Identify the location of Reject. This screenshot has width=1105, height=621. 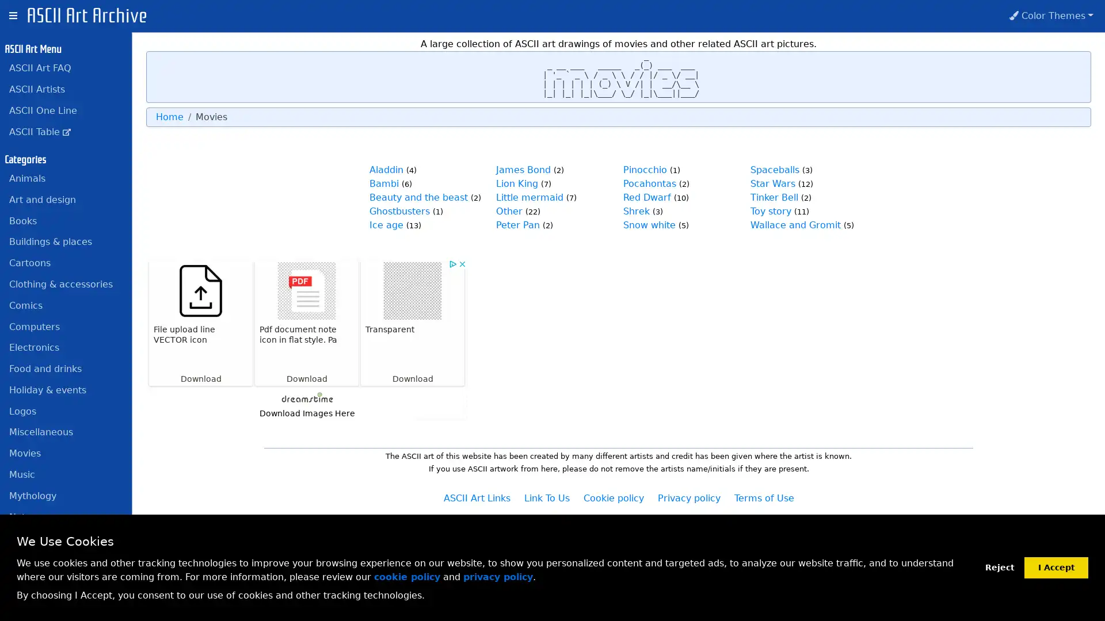
(999, 567).